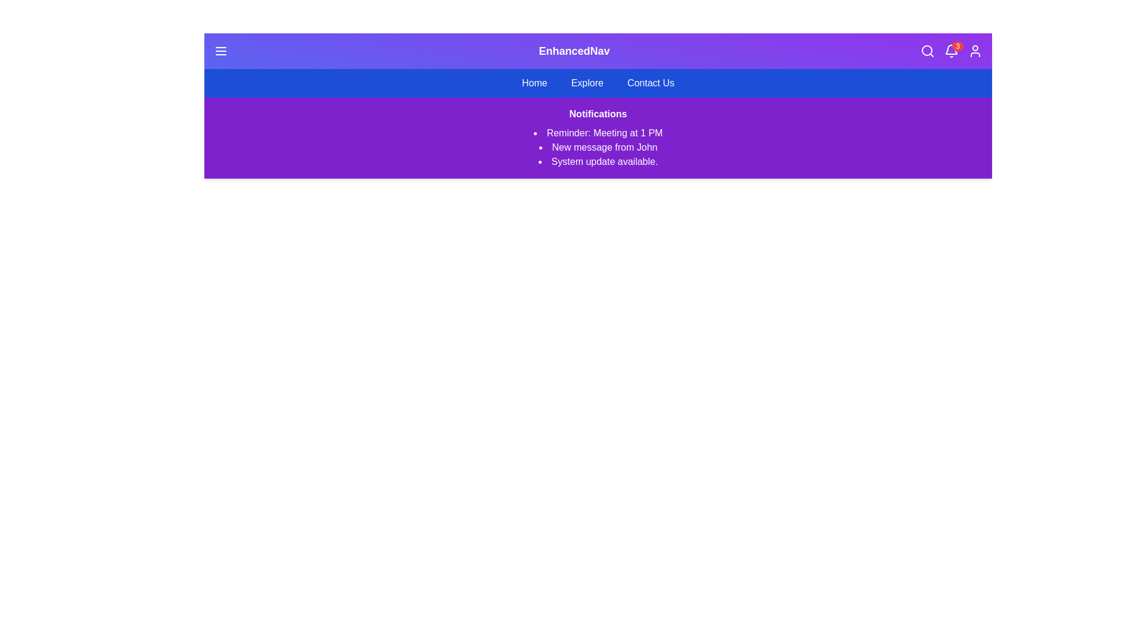  Describe the element at coordinates (926, 49) in the screenshot. I see `the graphical style of the circular SVG element that is part of the search icon located in the top-right corner of the navigation bar` at that location.